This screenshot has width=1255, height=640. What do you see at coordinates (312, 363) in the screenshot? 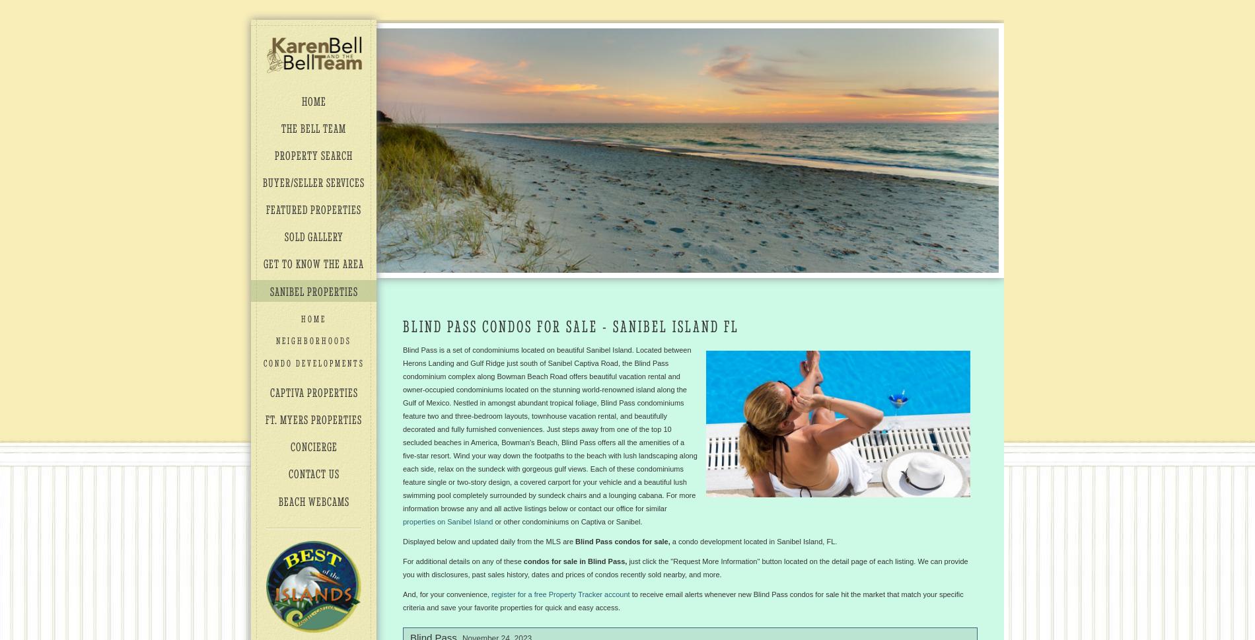
I see `'Condo Developments'` at bounding box center [312, 363].